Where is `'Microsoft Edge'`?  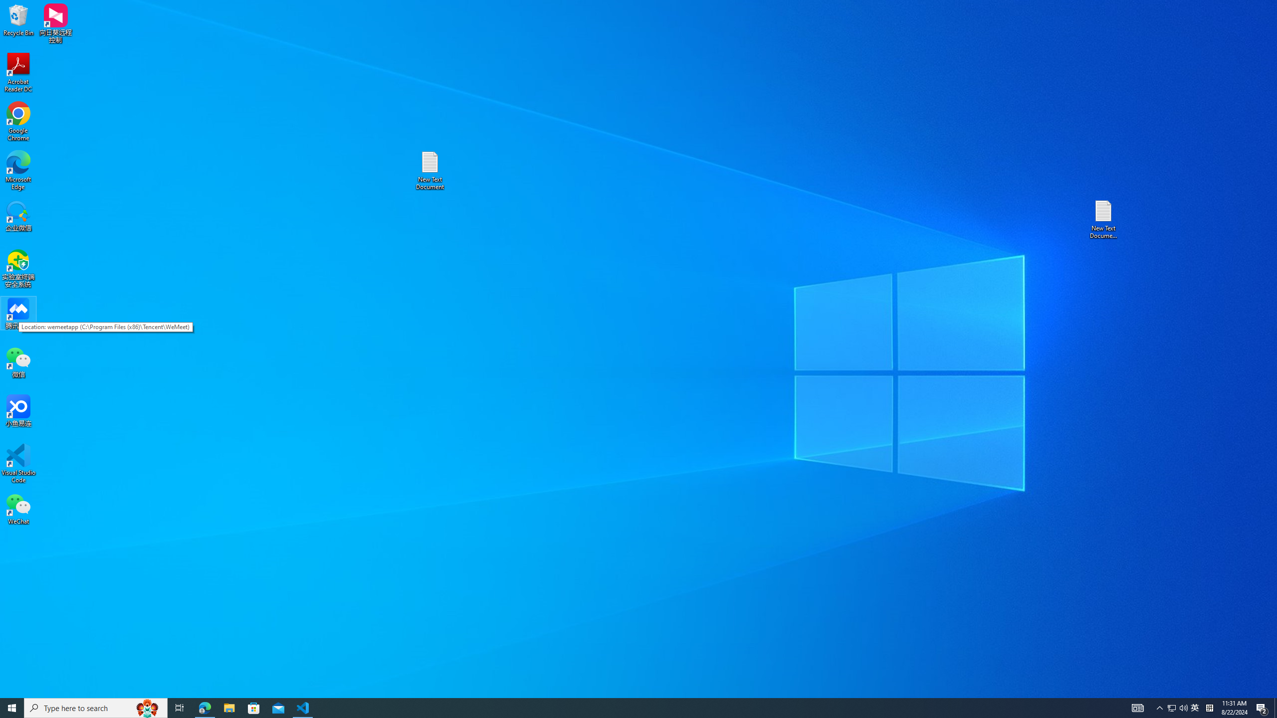
'Microsoft Edge' is located at coordinates (18, 170).